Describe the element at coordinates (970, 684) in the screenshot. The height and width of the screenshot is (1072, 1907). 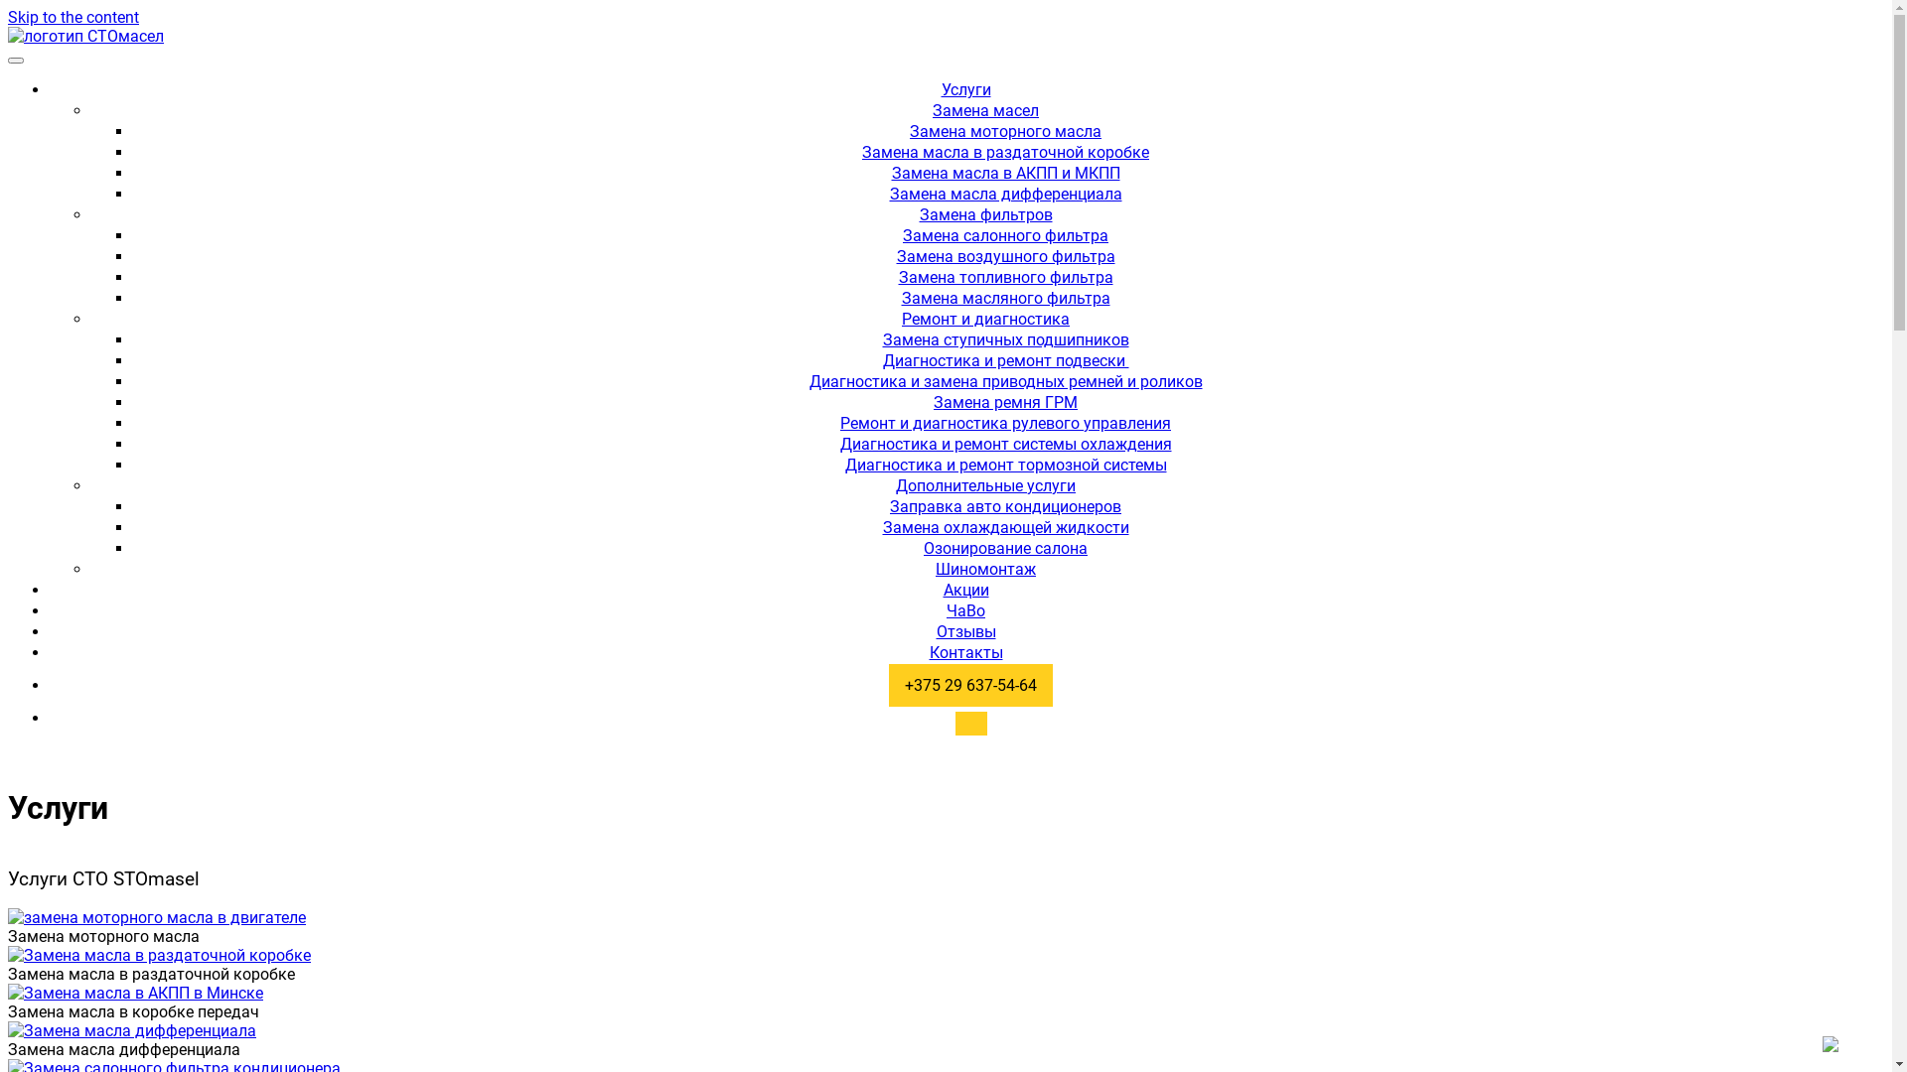
I see `'+375 29 637-54-64'` at that location.